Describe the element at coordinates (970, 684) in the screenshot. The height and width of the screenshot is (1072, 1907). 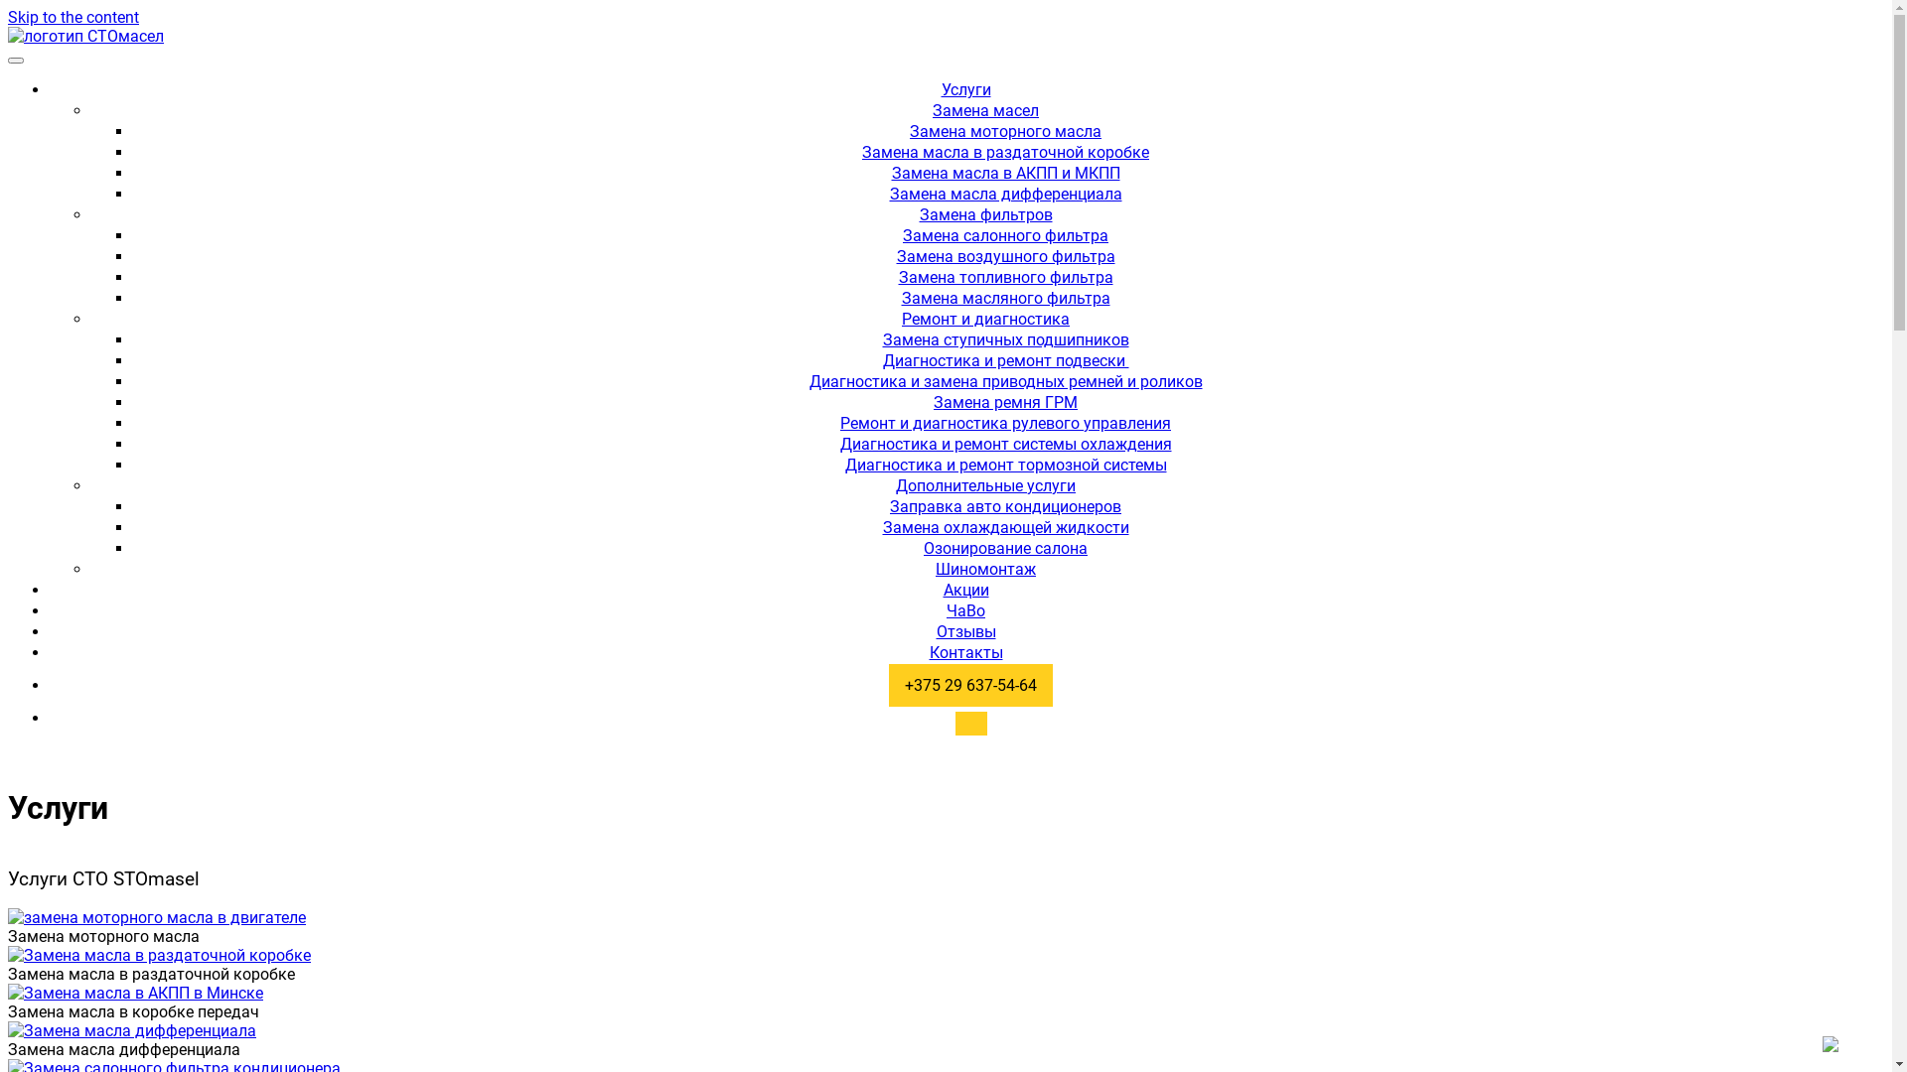
I see `'+375 29 637-54-64'` at that location.